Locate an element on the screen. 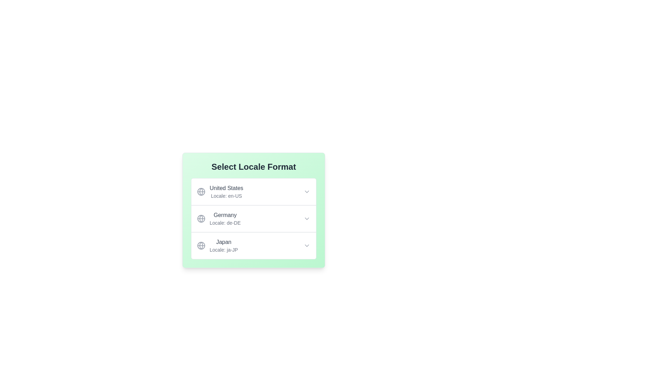 The width and height of the screenshot is (672, 378). the first list item for locale selection, which contains a title, subtitle, and embedded icons is located at coordinates (253, 191).